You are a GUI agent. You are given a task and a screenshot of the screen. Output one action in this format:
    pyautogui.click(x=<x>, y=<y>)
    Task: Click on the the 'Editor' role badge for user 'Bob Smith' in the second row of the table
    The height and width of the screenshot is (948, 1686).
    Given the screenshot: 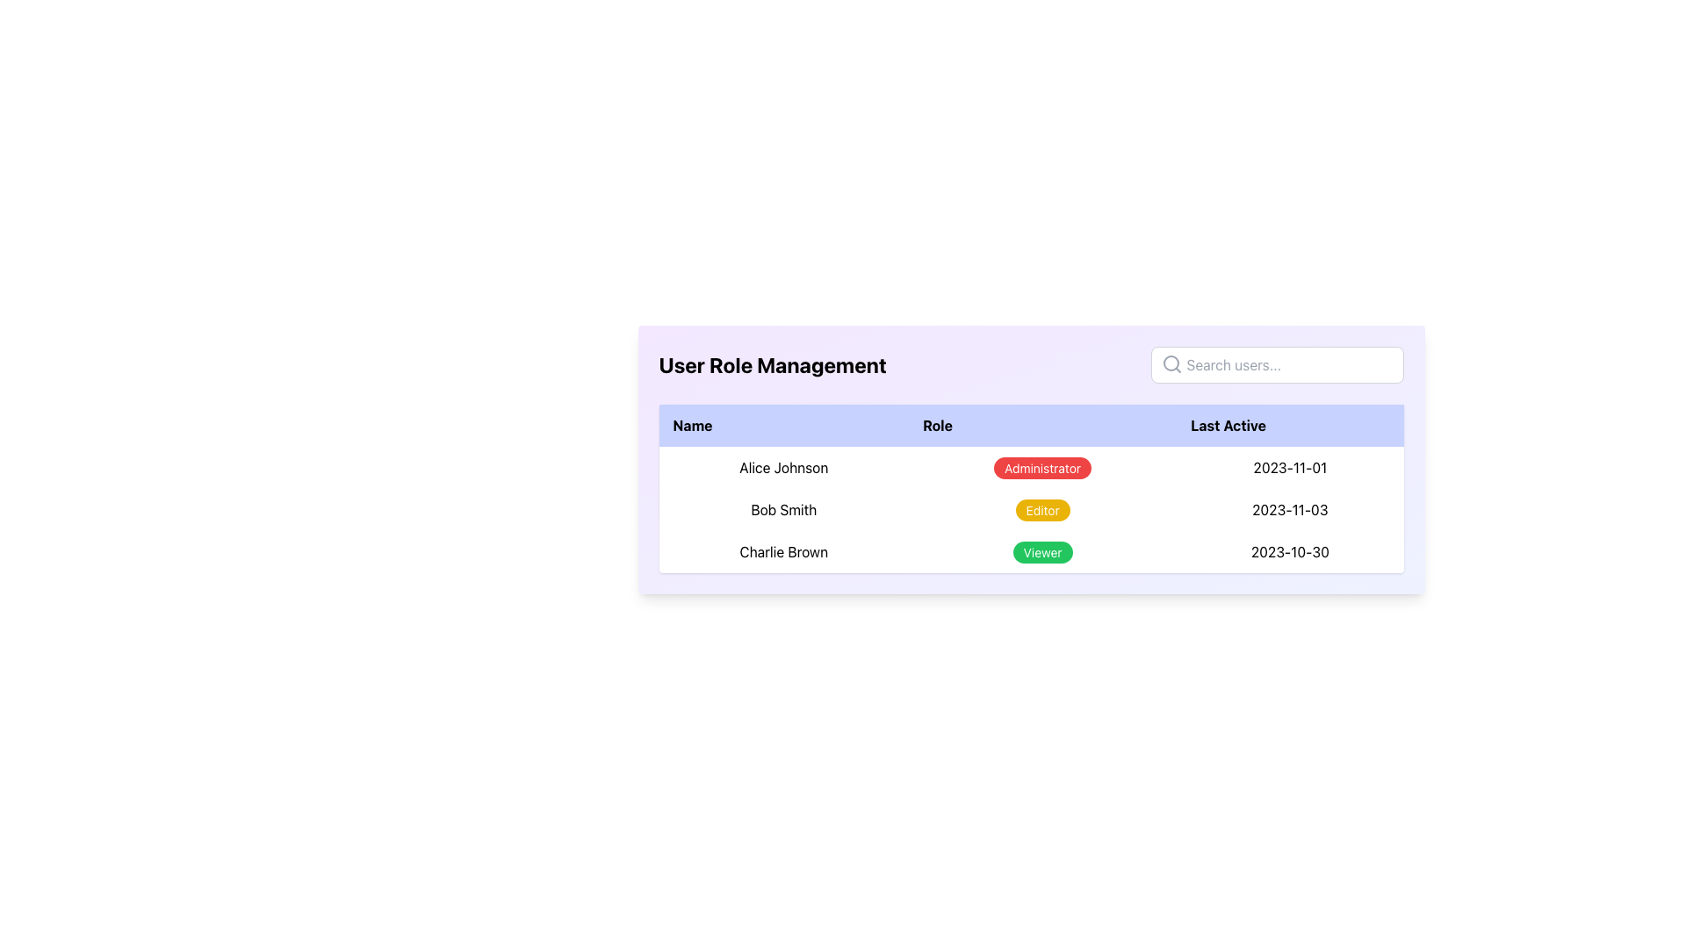 What is the action you would take?
    pyautogui.click(x=1042, y=510)
    